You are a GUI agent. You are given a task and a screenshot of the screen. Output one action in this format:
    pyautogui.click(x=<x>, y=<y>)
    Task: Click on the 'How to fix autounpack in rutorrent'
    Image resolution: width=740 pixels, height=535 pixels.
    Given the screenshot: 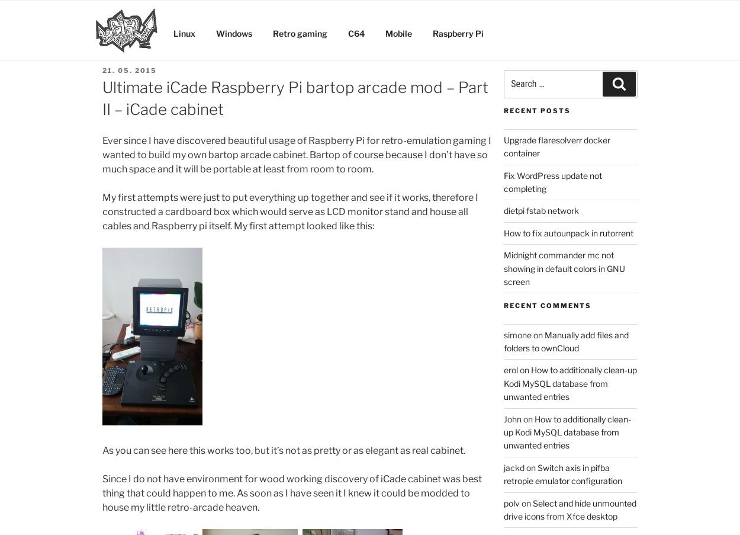 What is the action you would take?
    pyautogui.click(x=568, y=232)
    